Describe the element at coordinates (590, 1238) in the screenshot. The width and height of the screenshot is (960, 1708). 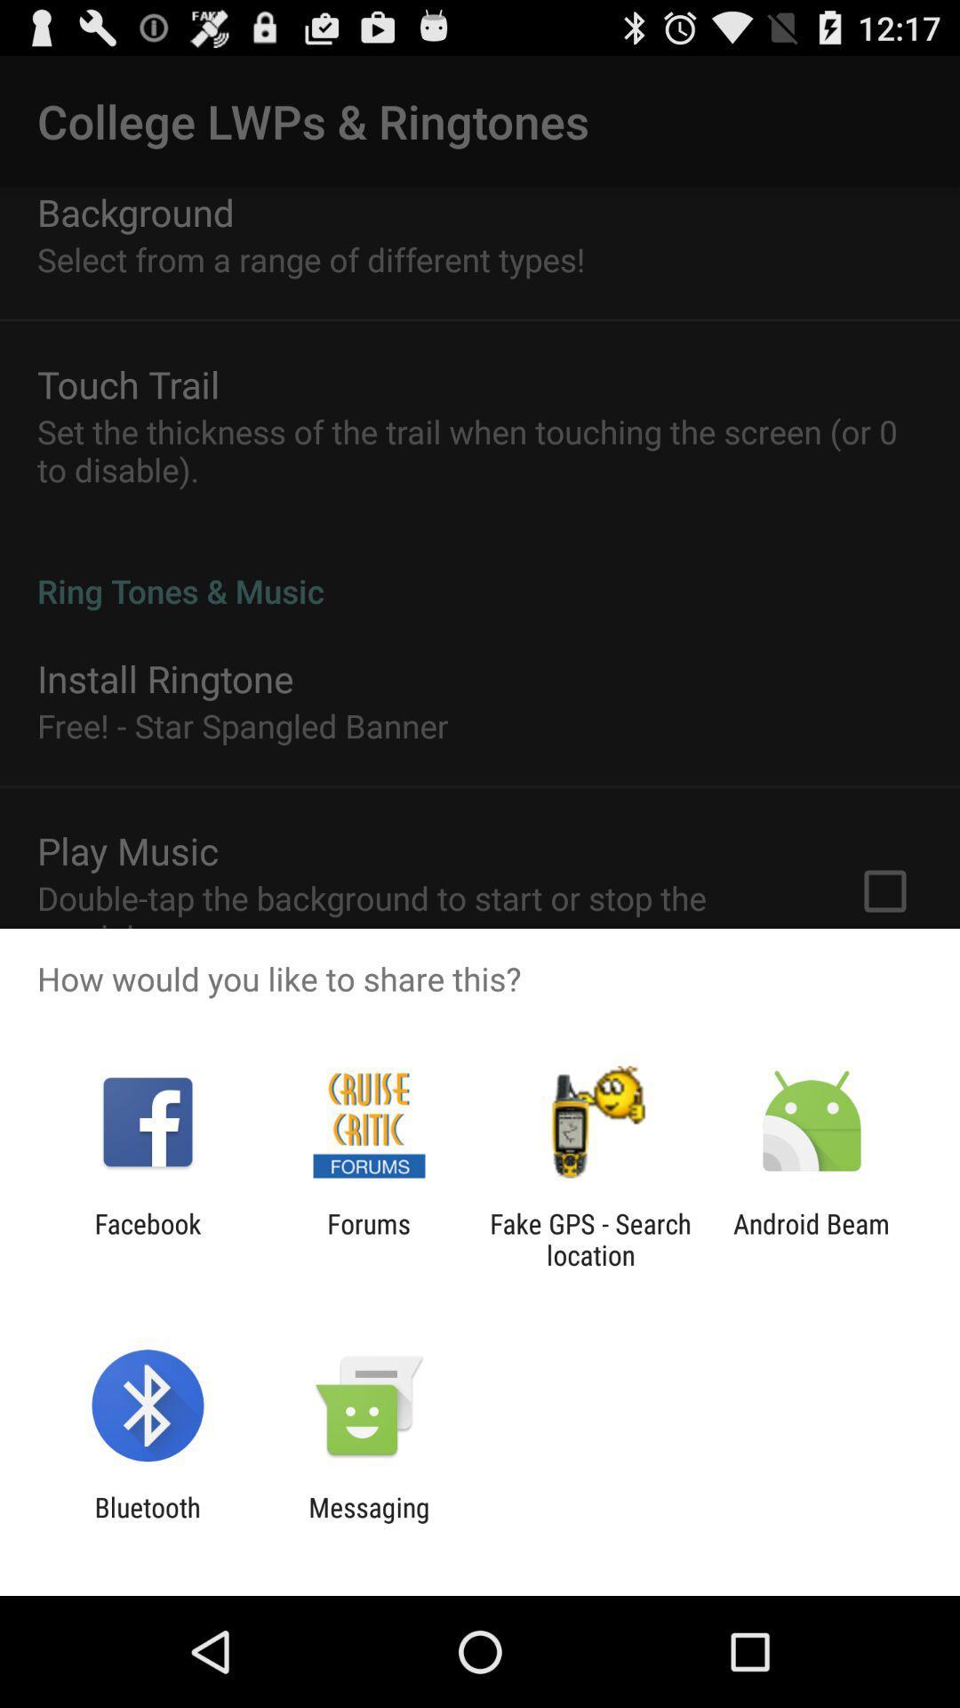
I see `the icon to the left of the android beam` at that location.